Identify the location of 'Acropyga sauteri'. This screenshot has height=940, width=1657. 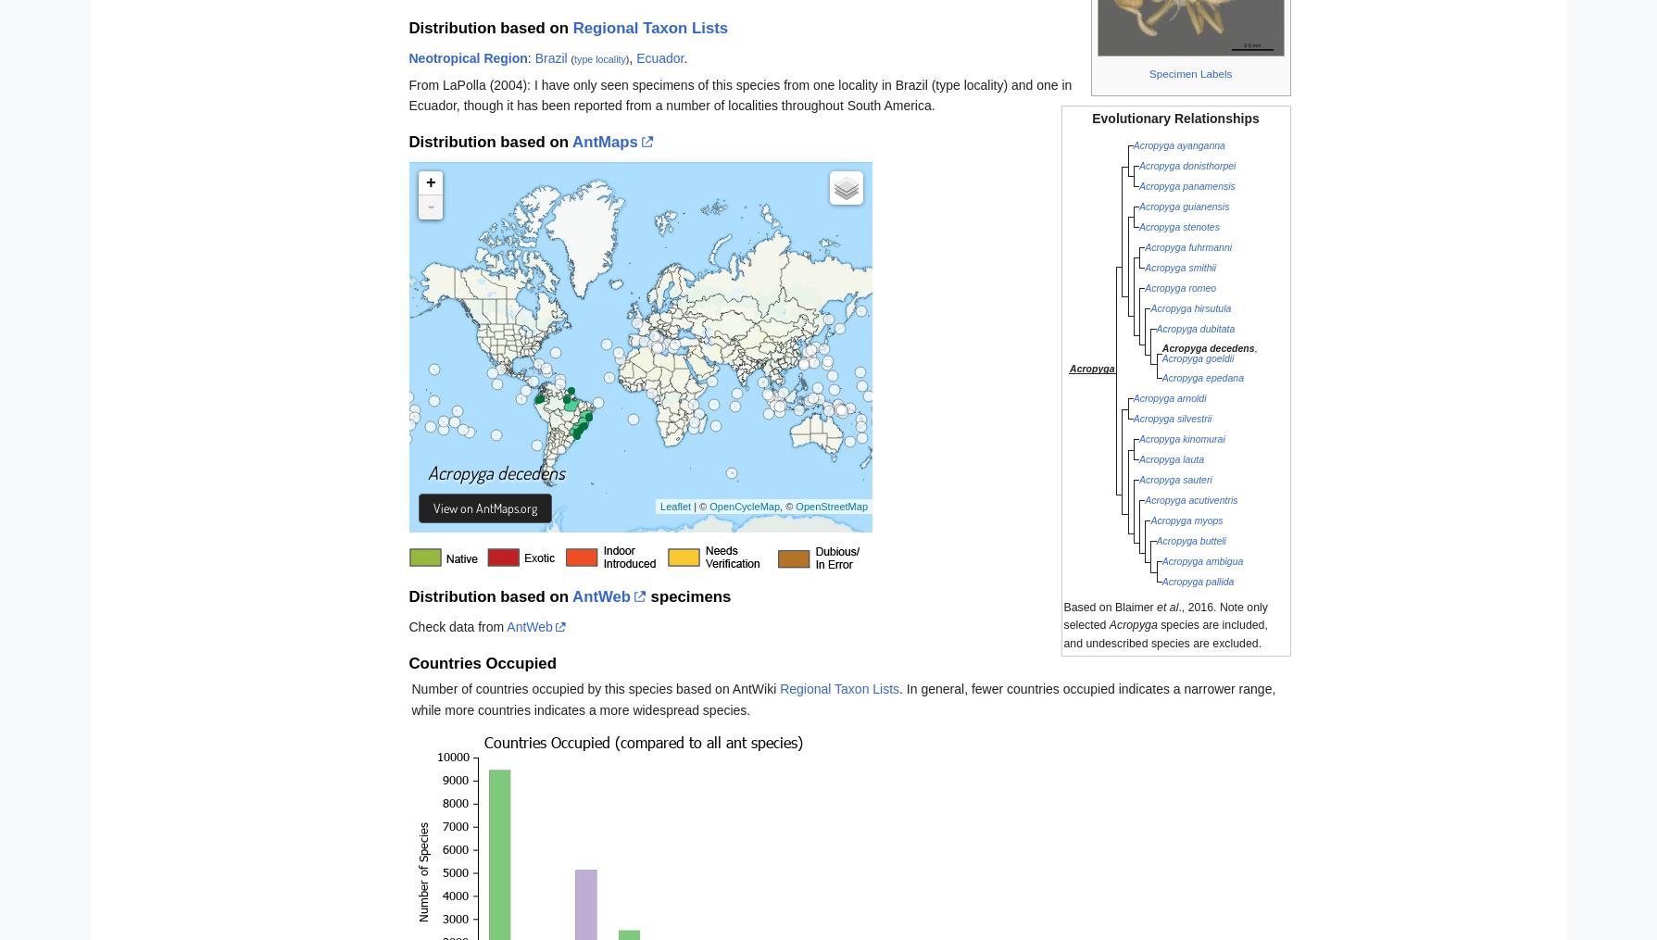
(1174, 479).